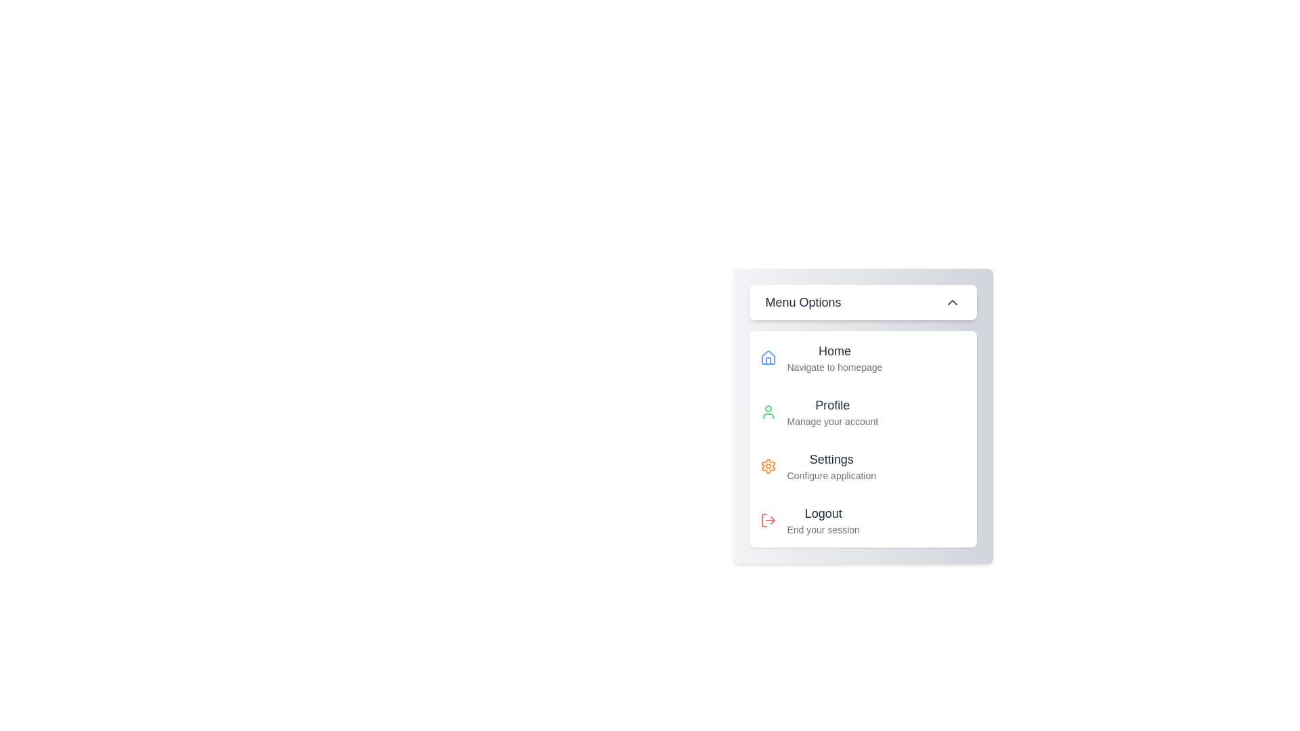 The width and height of the screenshot is (1300, 731). Describe the element at coordinates (768, 519) in the screenshot. I see `the red SVG logout icon, which is the leftmost component of the Logout button in the menu options` at that location.